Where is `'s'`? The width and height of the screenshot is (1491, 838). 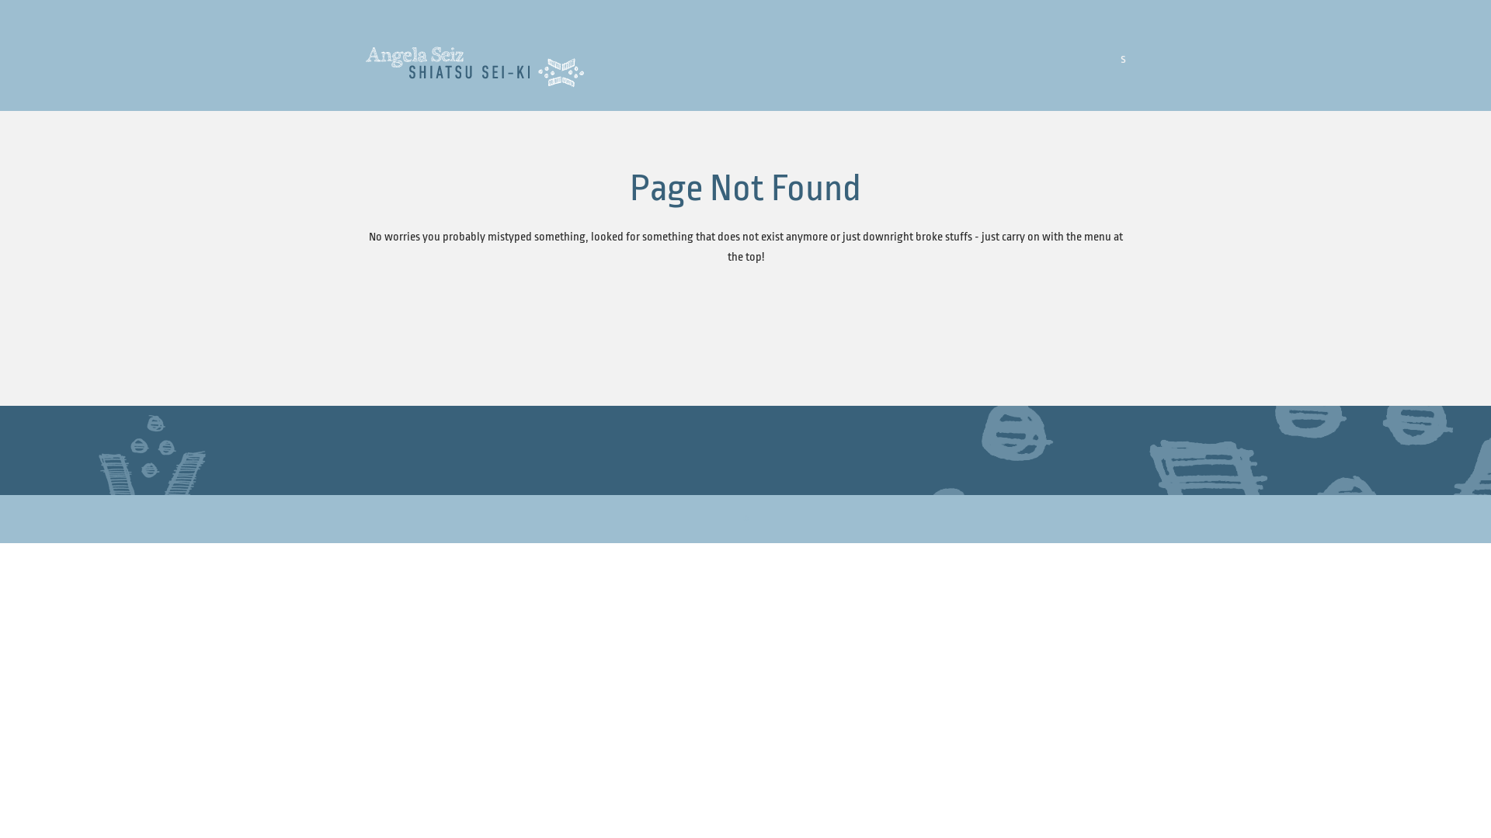
's' is located at coordinates (1121, 57).